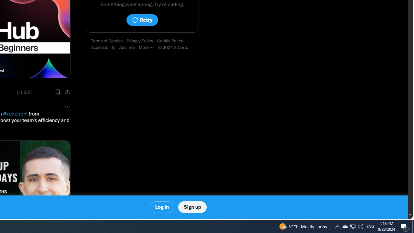  Describe the element at coordinates (105, 47) in the screenshot. I see `'Accessibility'` at that location.